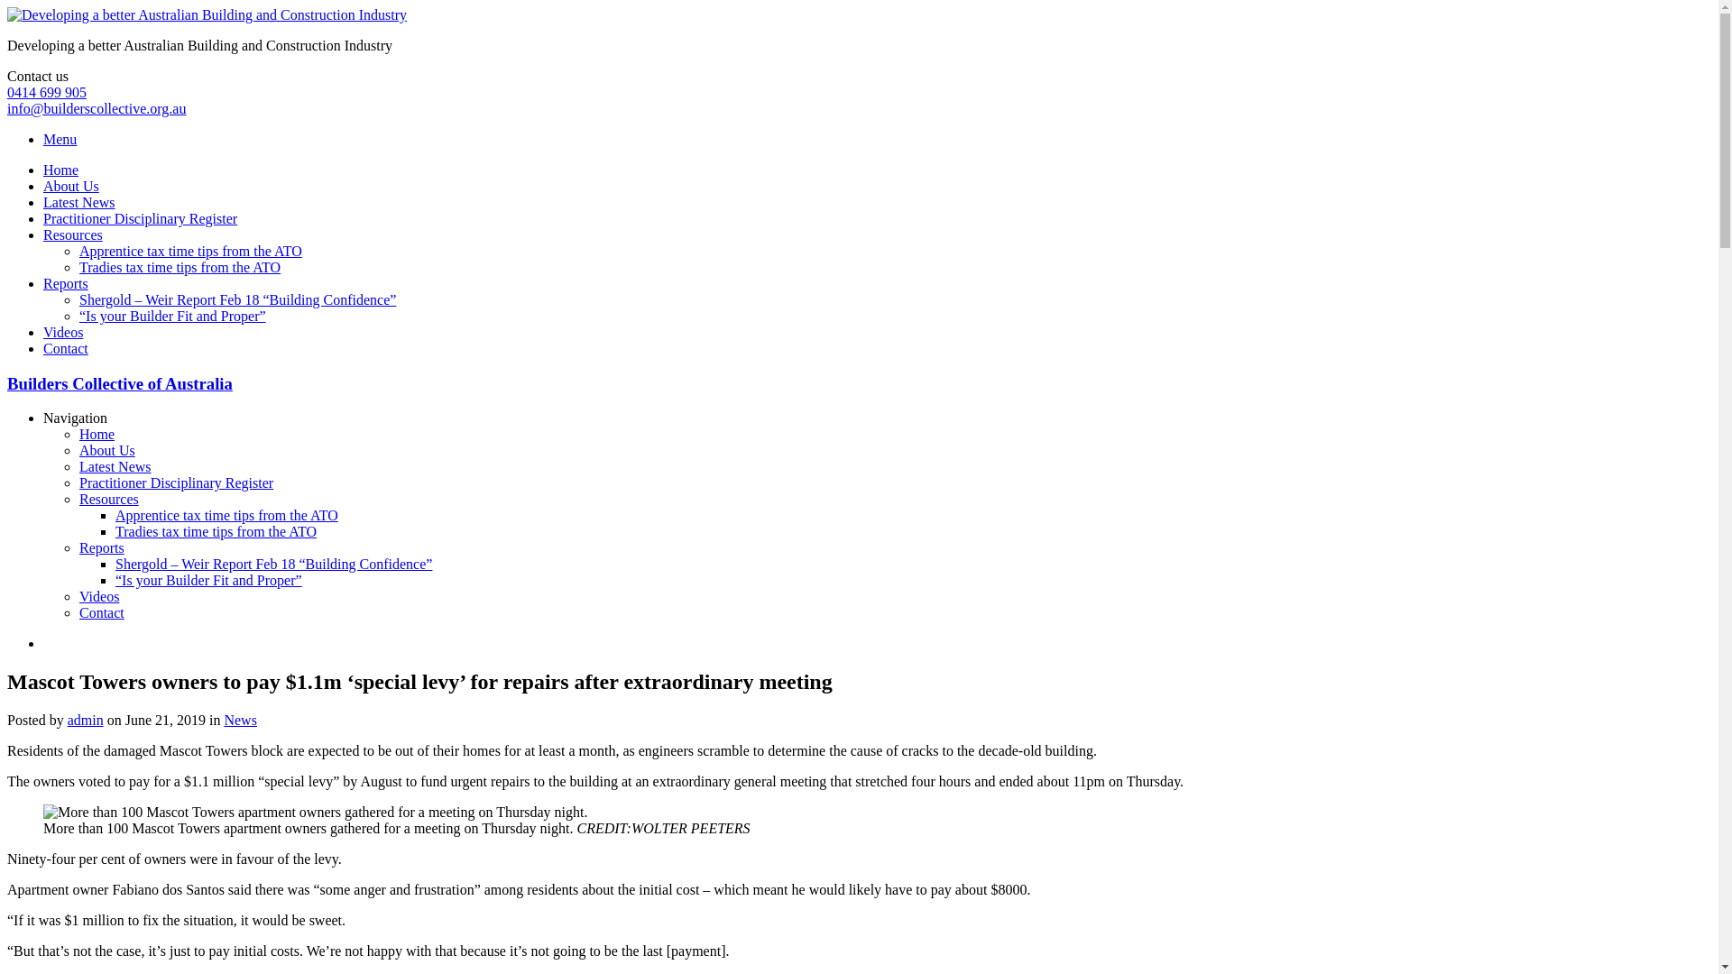 The width and height of the screenshot is (1732, 974). Describe the element at coordinates (115, 465) in the screenshot. I see `'Latest News'` at that location.